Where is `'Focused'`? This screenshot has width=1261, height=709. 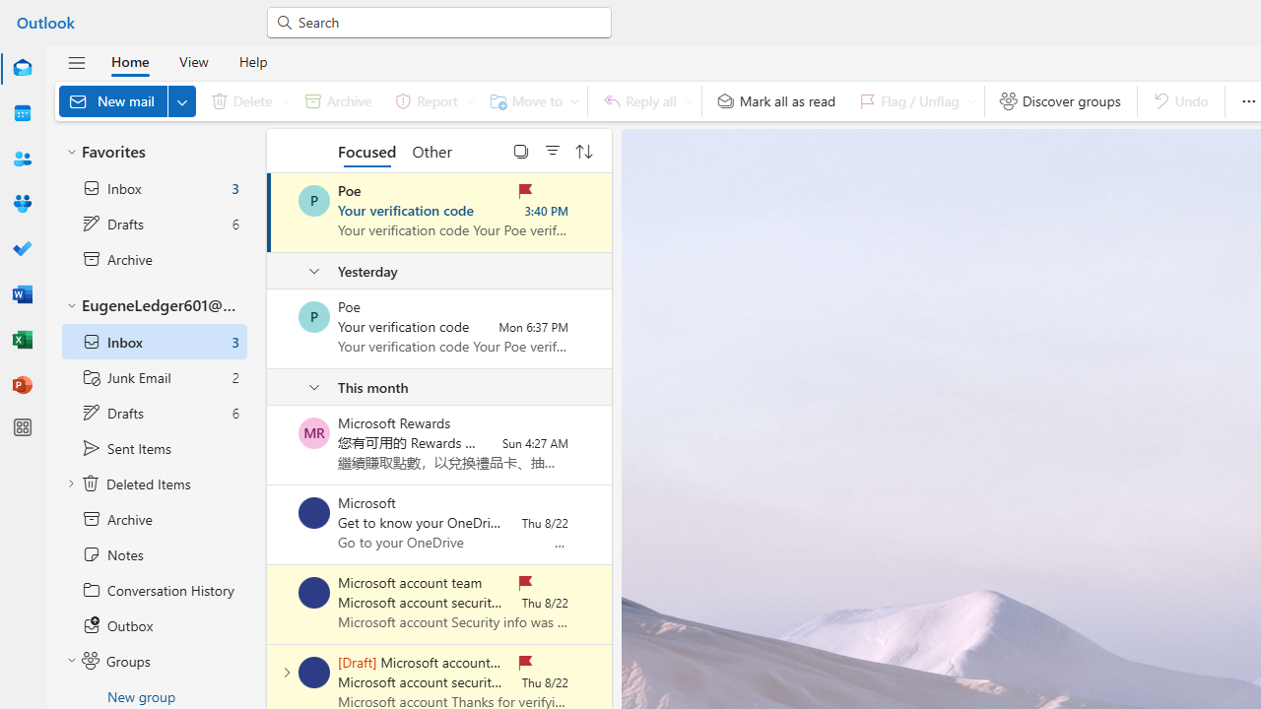
'Focused' is located at coordinates (367, 150).